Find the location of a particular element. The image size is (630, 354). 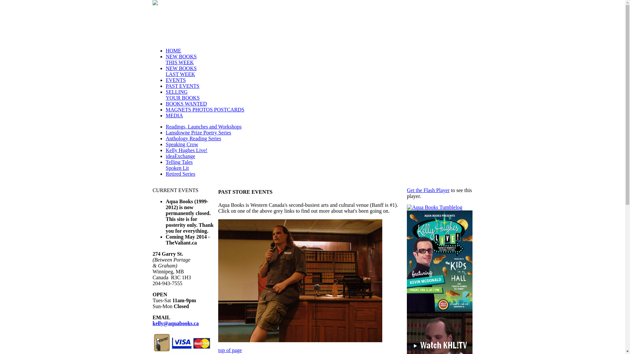

'Lansdowne Prize Poetry Series' is located at coordinates (198, 132).